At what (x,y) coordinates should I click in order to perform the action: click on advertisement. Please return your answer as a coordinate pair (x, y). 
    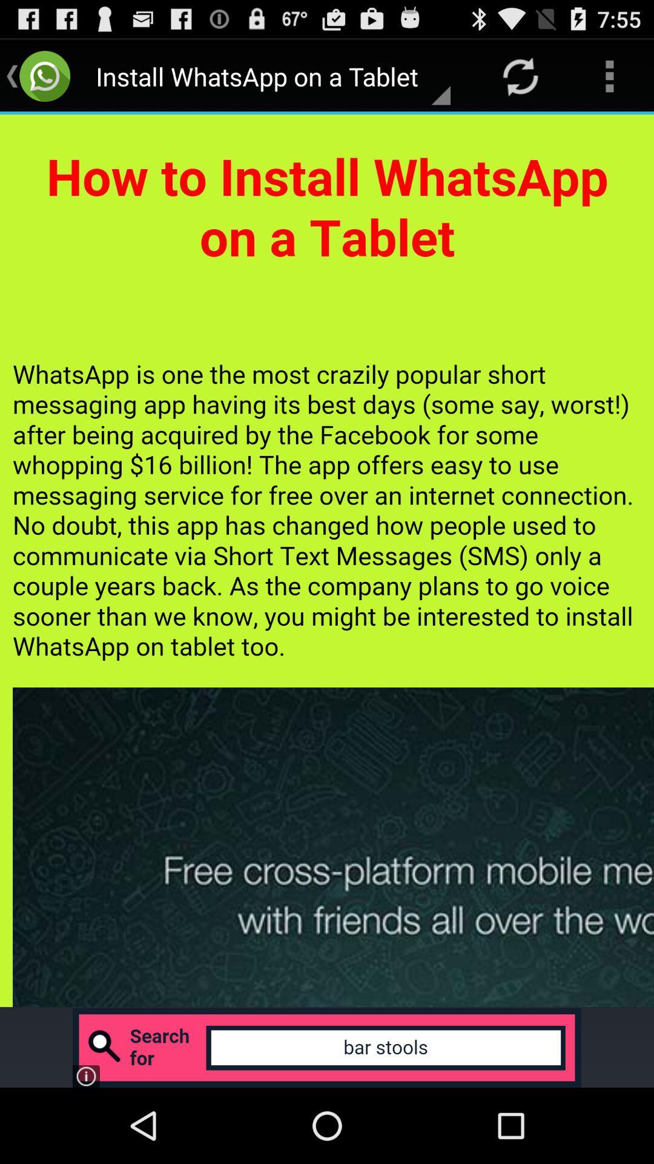
    Looking at the image, I should click on (327, 1047).